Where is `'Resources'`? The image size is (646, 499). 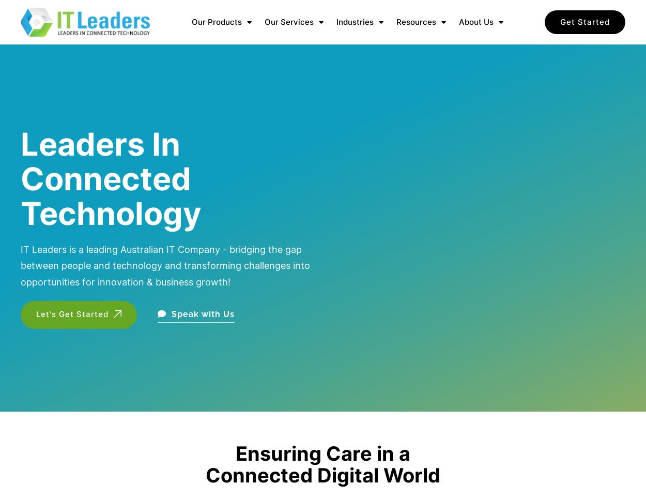
'Resources' is located at coordinates (416, 22).